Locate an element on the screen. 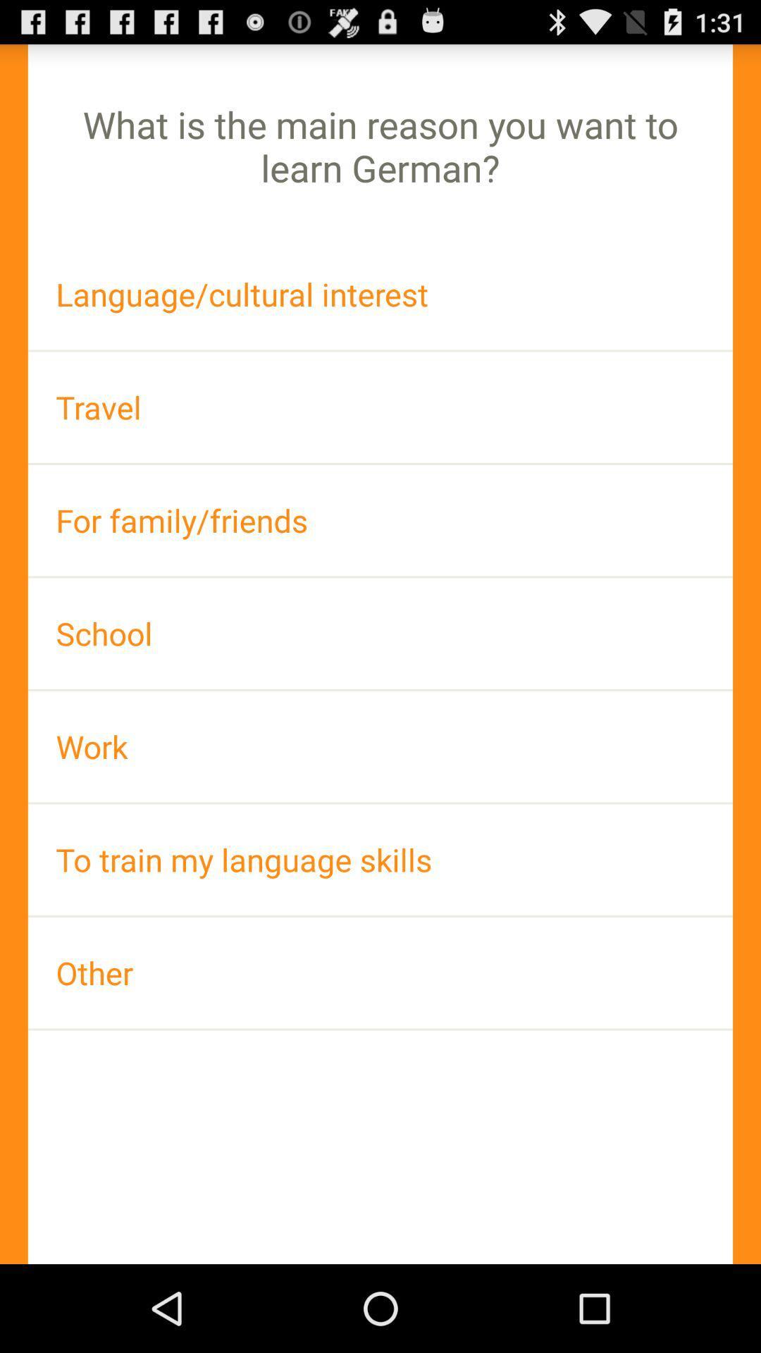  the language/cultural interest app is located at coordinates (380, 293).